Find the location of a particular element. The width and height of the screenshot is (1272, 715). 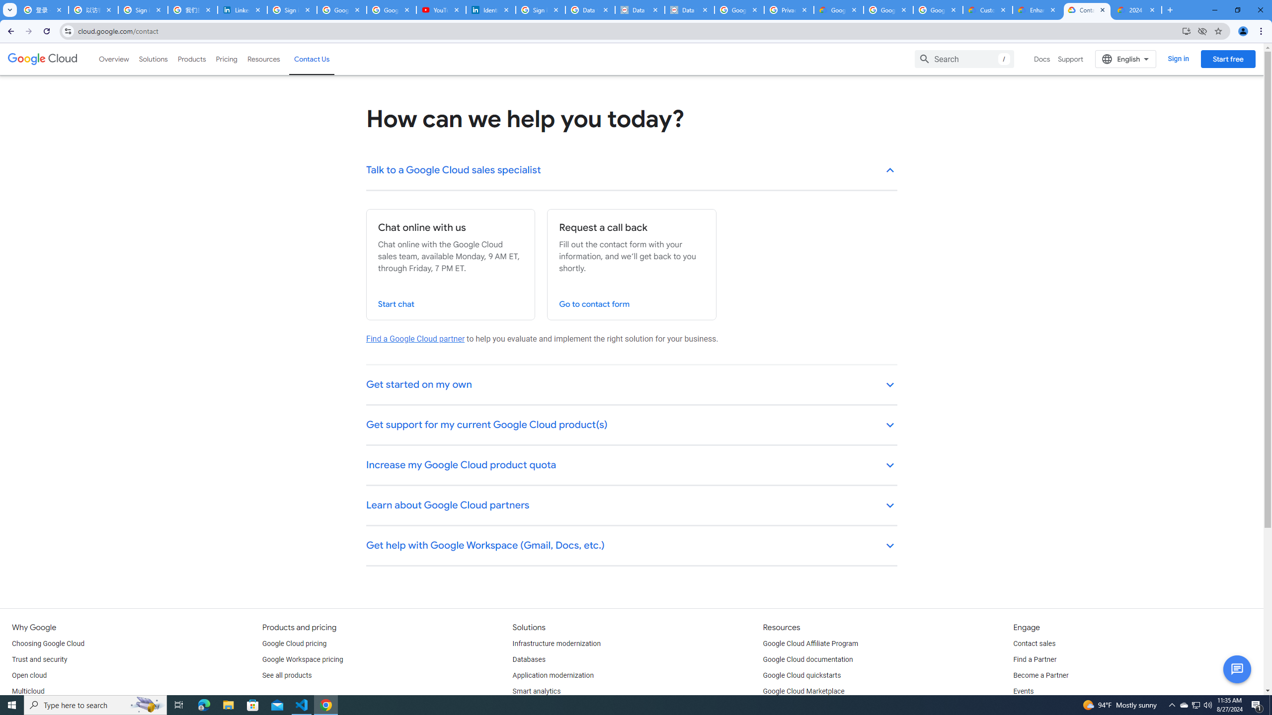

'Google Workspace pricing' is located at coordinates (302, 659).